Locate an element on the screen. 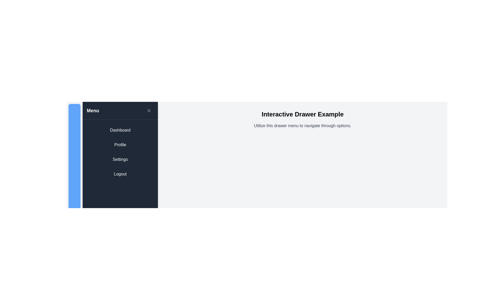  the static text element that reads 'Utilize this drawer menu to navigate through options.' positioned below the 'Interactive Drawer Example' heading is located at coordinates (303, 126).